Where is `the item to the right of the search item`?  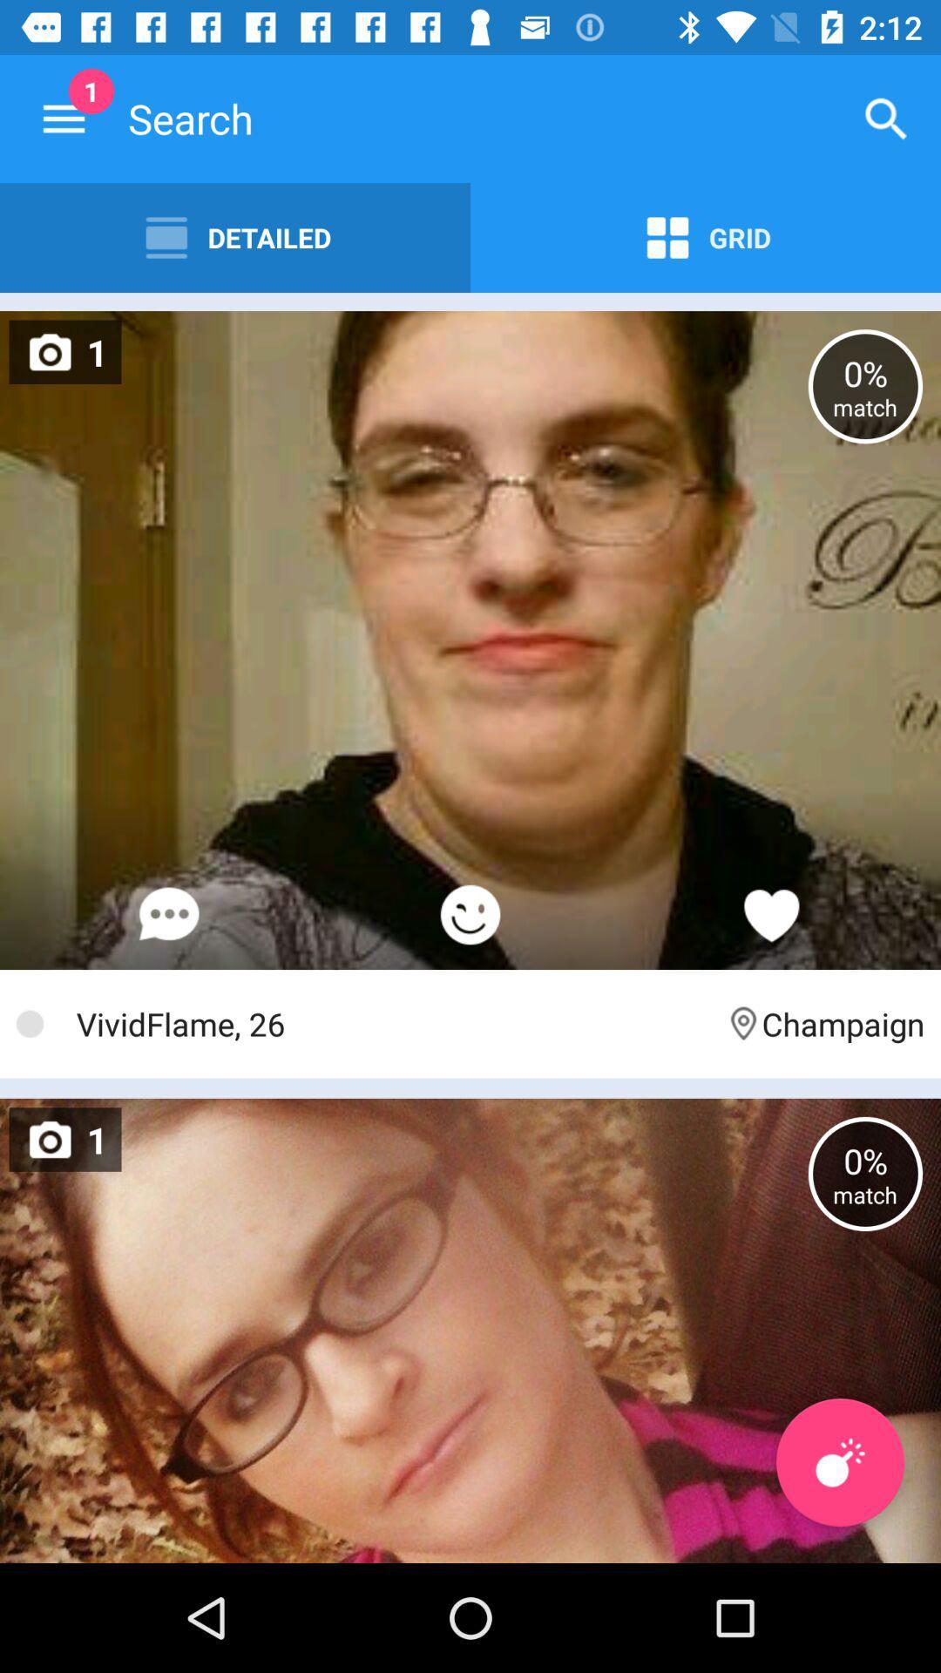 the item to the right of the search item is located at coordinates (886, 118).